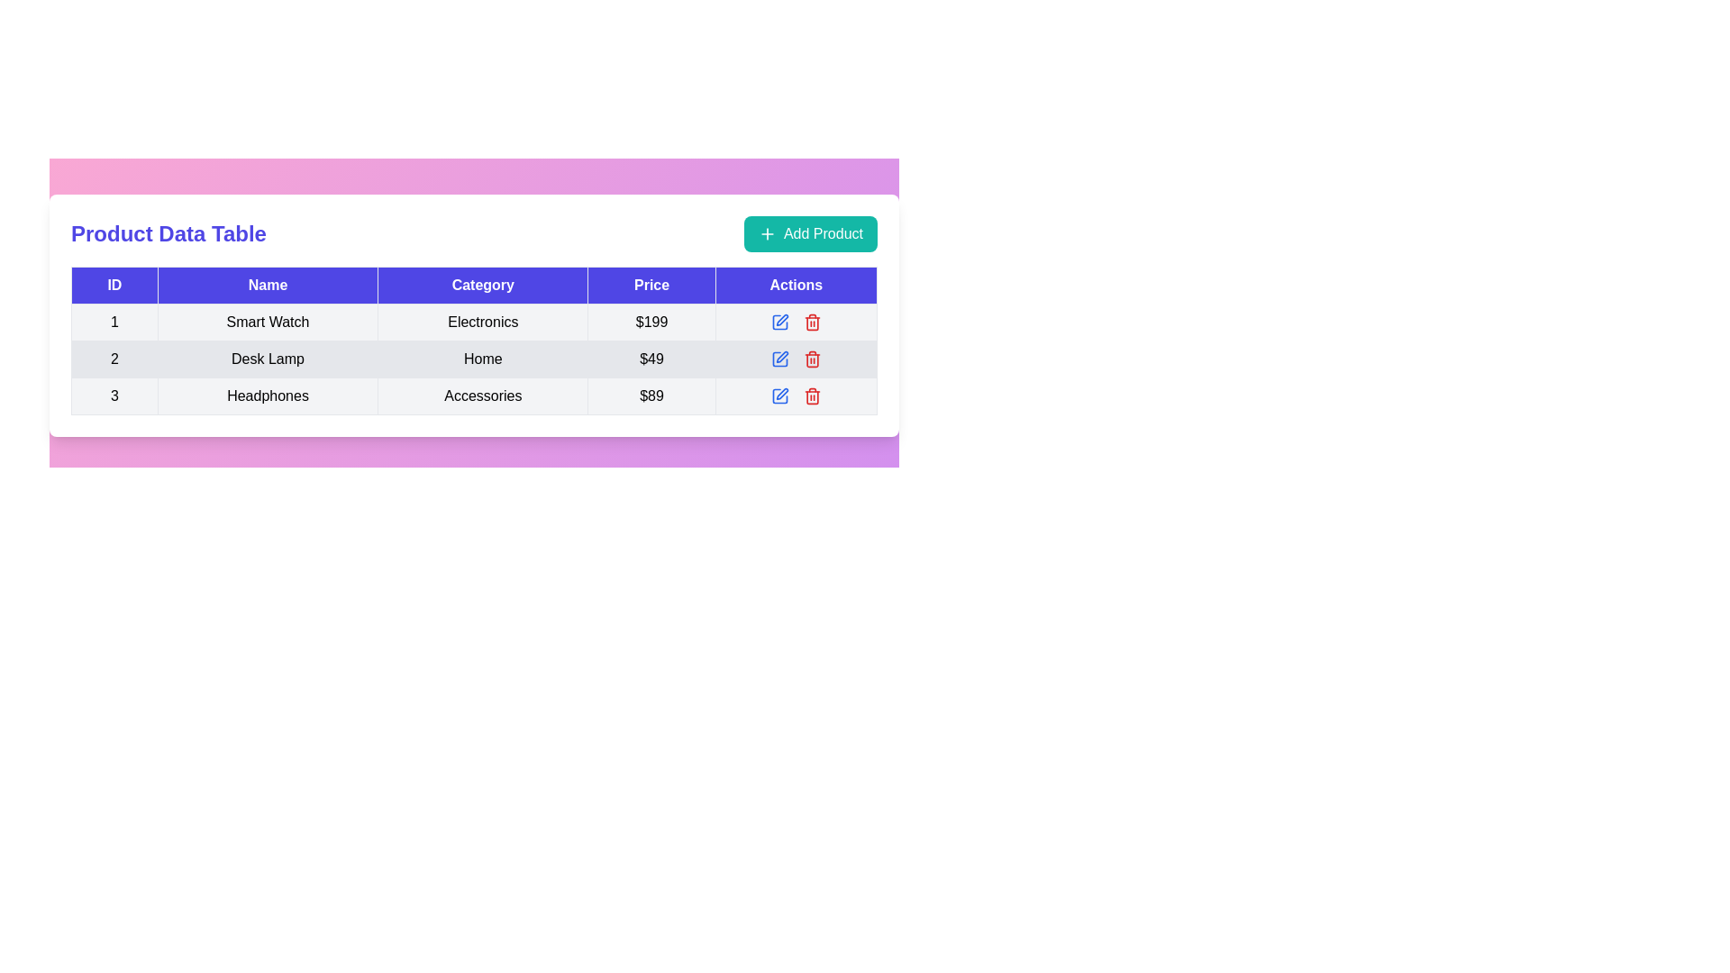 This screenshot has height=973, width=1730. Describe the element at coordinates (114, 284) in the screenshot. I see `the 'ID' text label, which is a rectangular label with white uppercase text on a blue background, located at the top-left corner of a table header row` at that location.